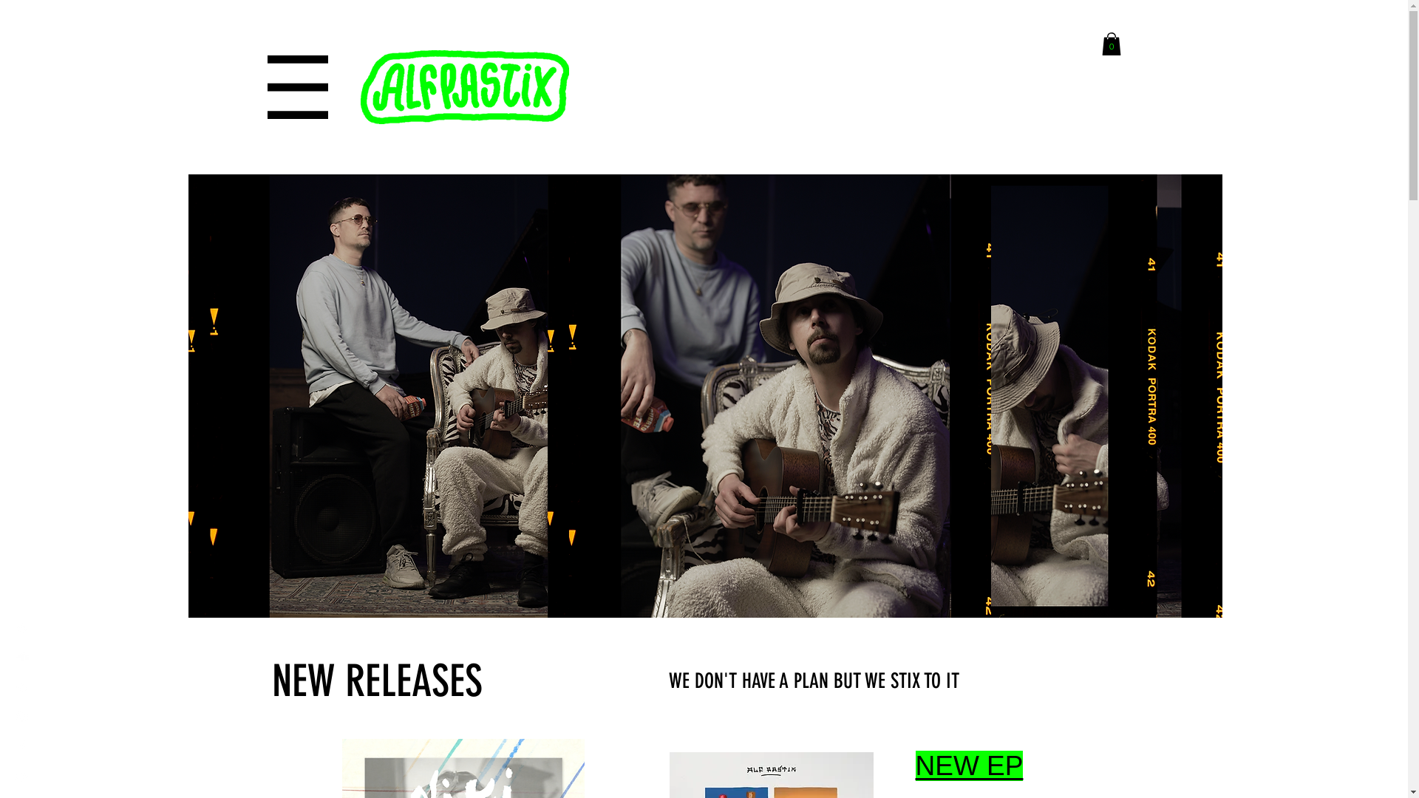 The width and height of the screenshot is (1419, 798). I want to click on '0', so click(1110, 43).